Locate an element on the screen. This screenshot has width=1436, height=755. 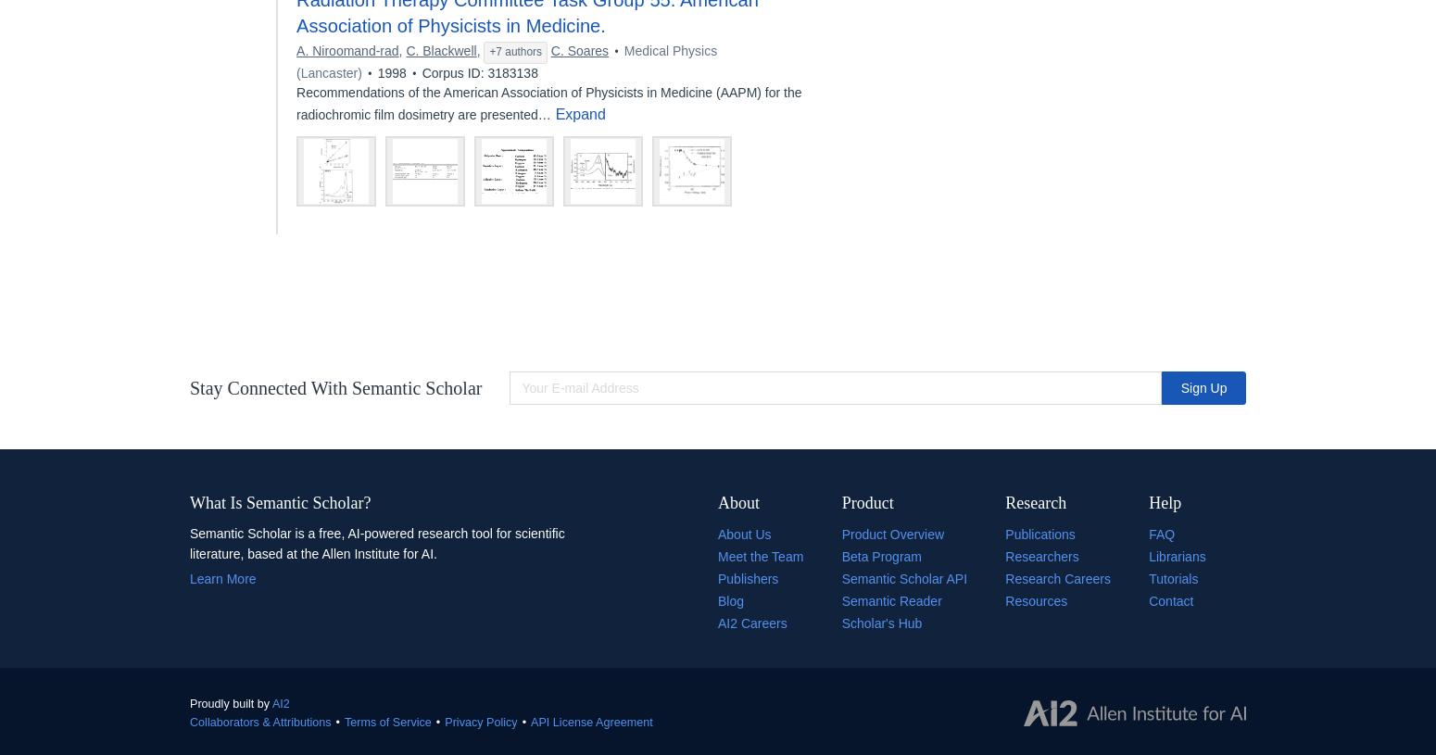
'Product' is located at coordinates (866, 501).